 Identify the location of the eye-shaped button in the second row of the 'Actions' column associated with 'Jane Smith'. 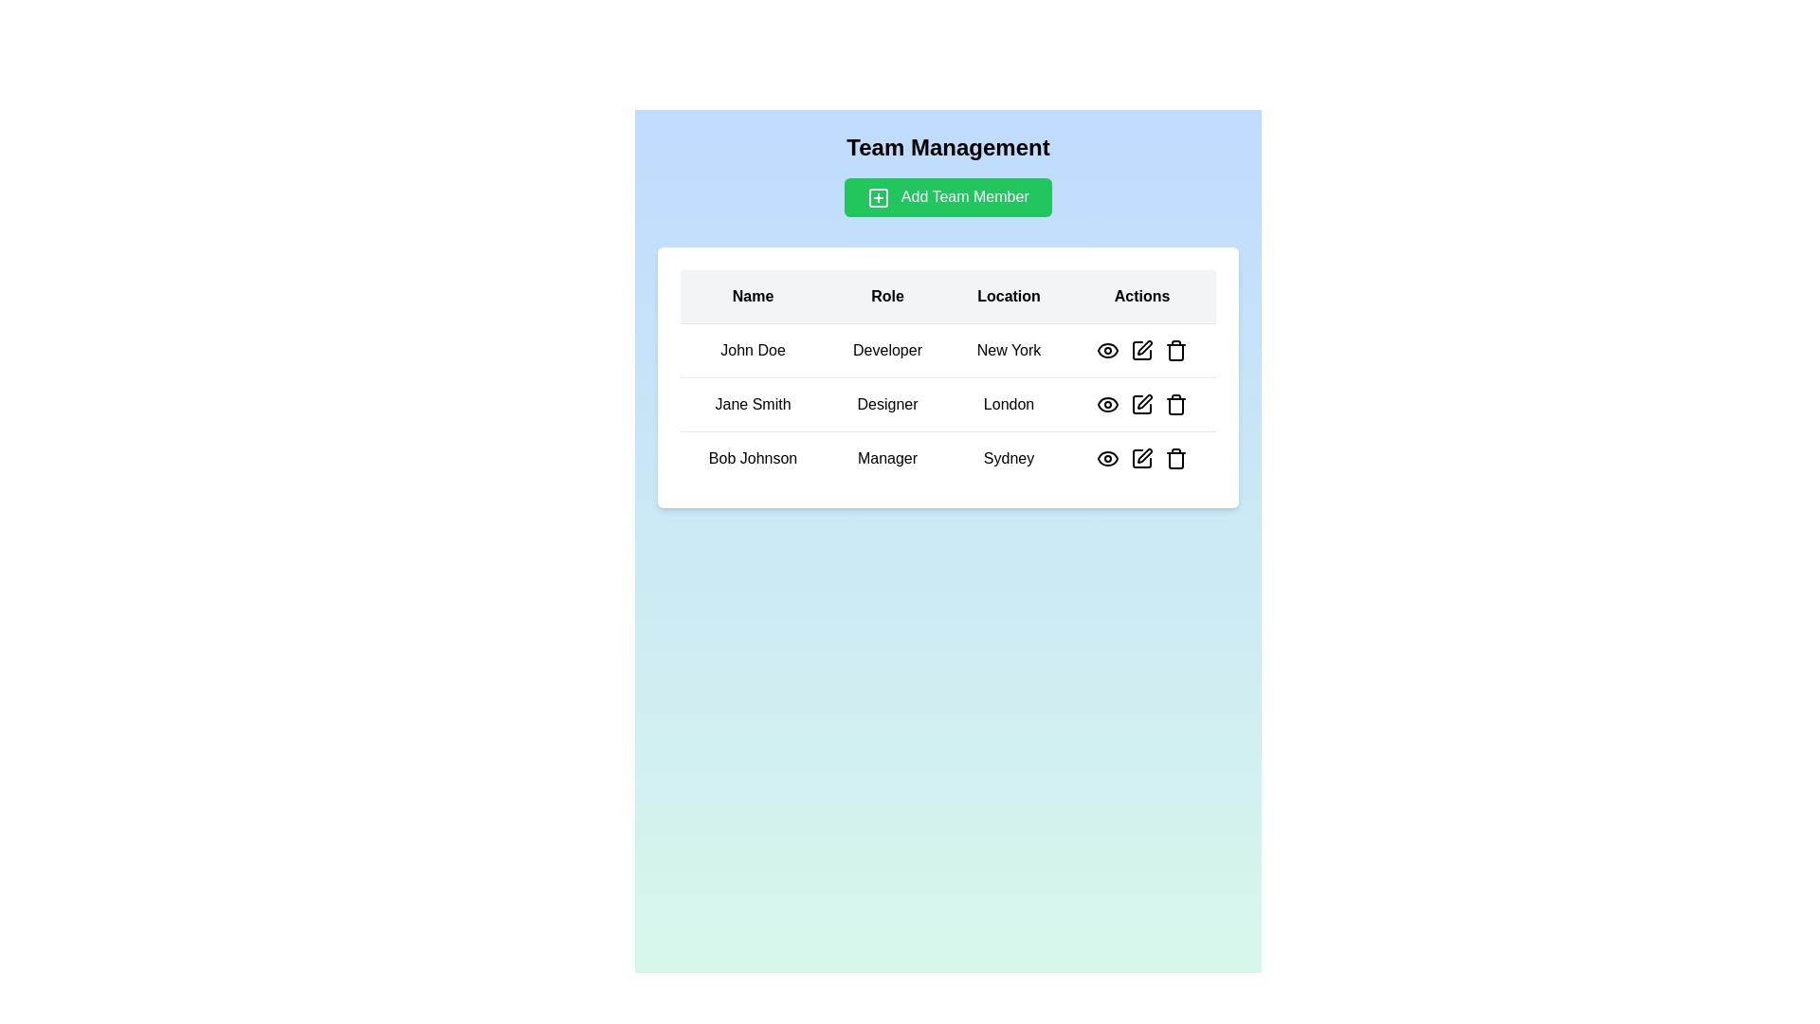
(1108, 403).